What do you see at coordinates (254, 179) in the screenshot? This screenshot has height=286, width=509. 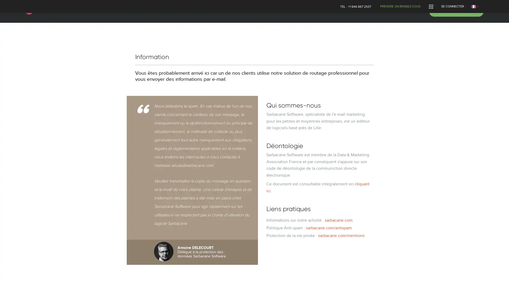 I see `Je choisis` at bounding box center [254, 179].